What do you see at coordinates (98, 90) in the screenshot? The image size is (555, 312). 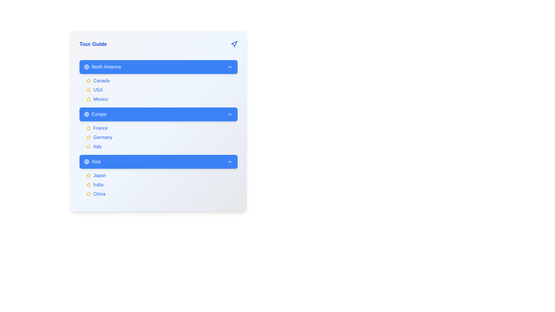 I see `the clickable hyperlink text that points to the section labeled 'USA'` at bounding box center [98, 90].